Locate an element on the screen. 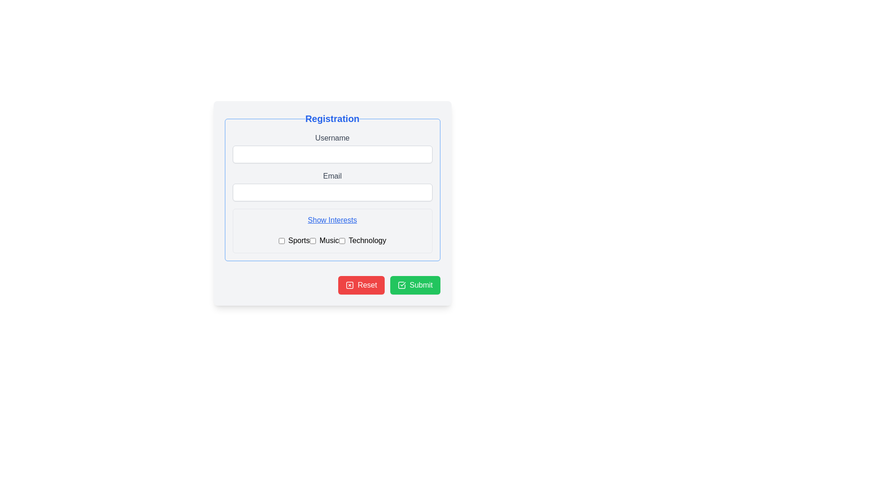 This screenshot has height=501, width=892. label text associated with the 'Sports' interest checkbox, which is located to the right of the first checkbox in the horizontal group of interest checkboxes near the bottom of the registration form is located at coordinates (299, 240).